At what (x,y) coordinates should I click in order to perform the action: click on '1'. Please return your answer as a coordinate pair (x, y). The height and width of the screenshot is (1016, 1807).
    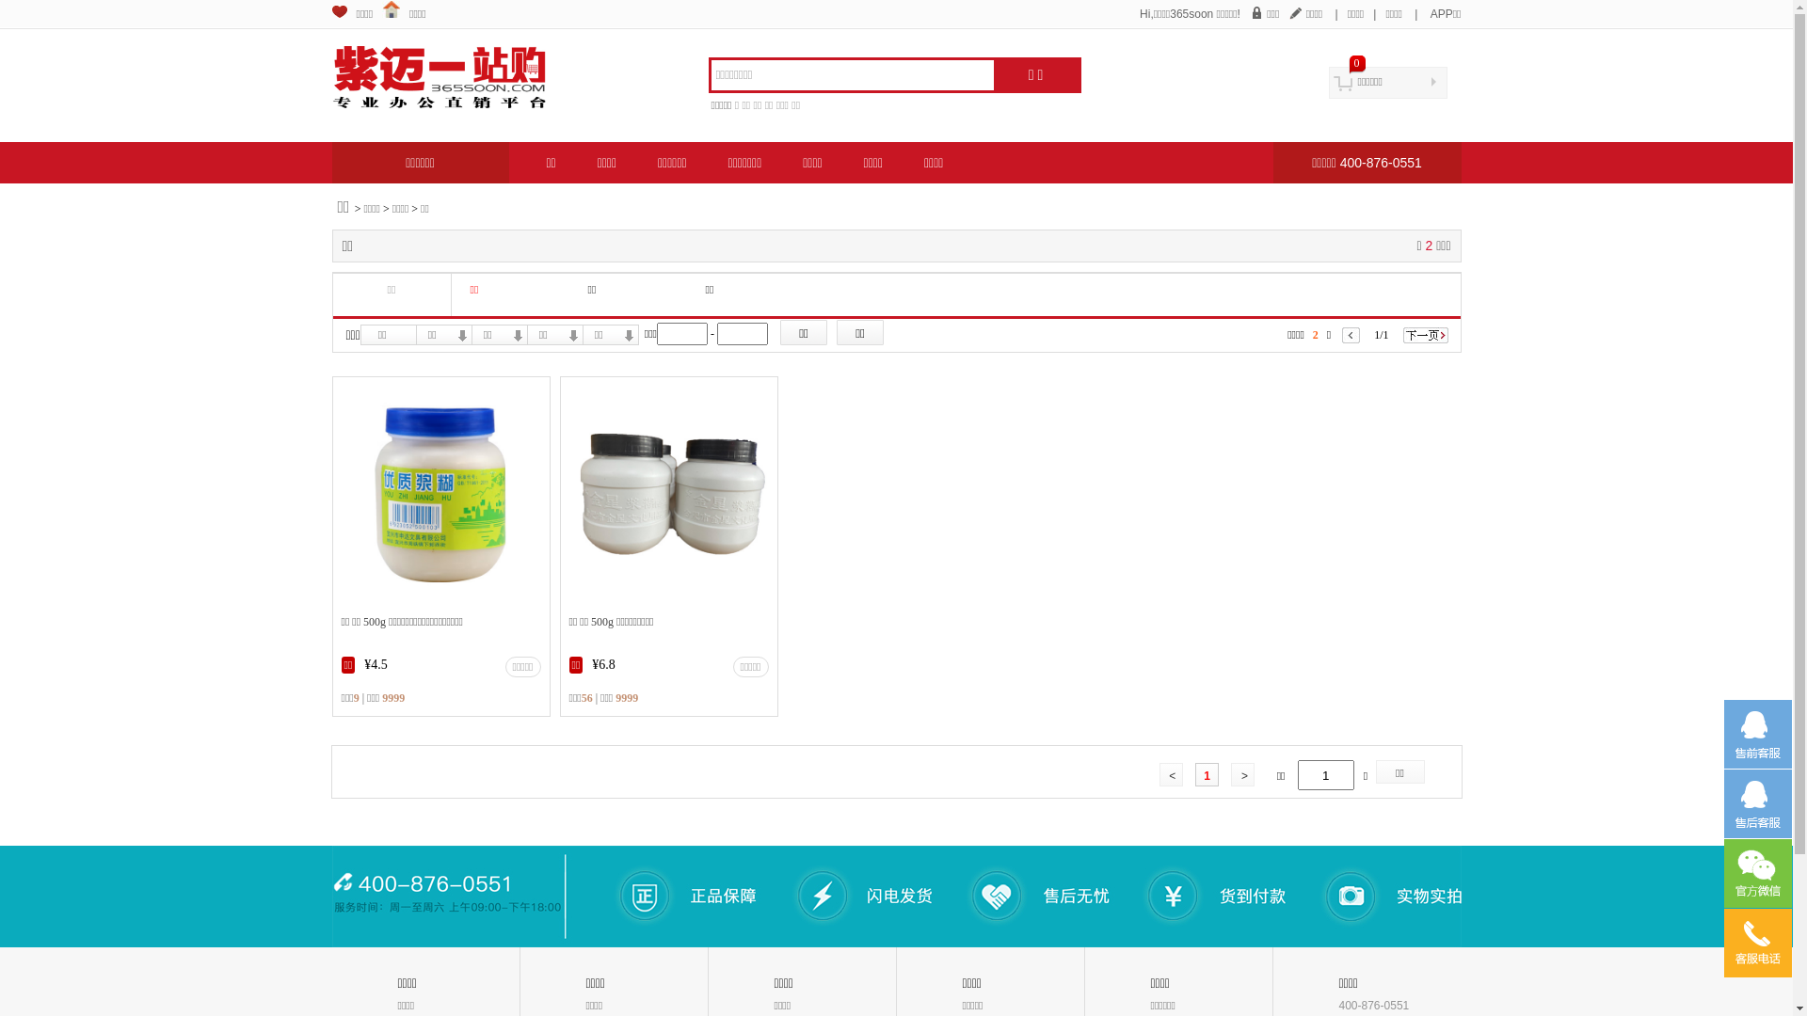
    Looking at the image, I should click on (1207, 773).